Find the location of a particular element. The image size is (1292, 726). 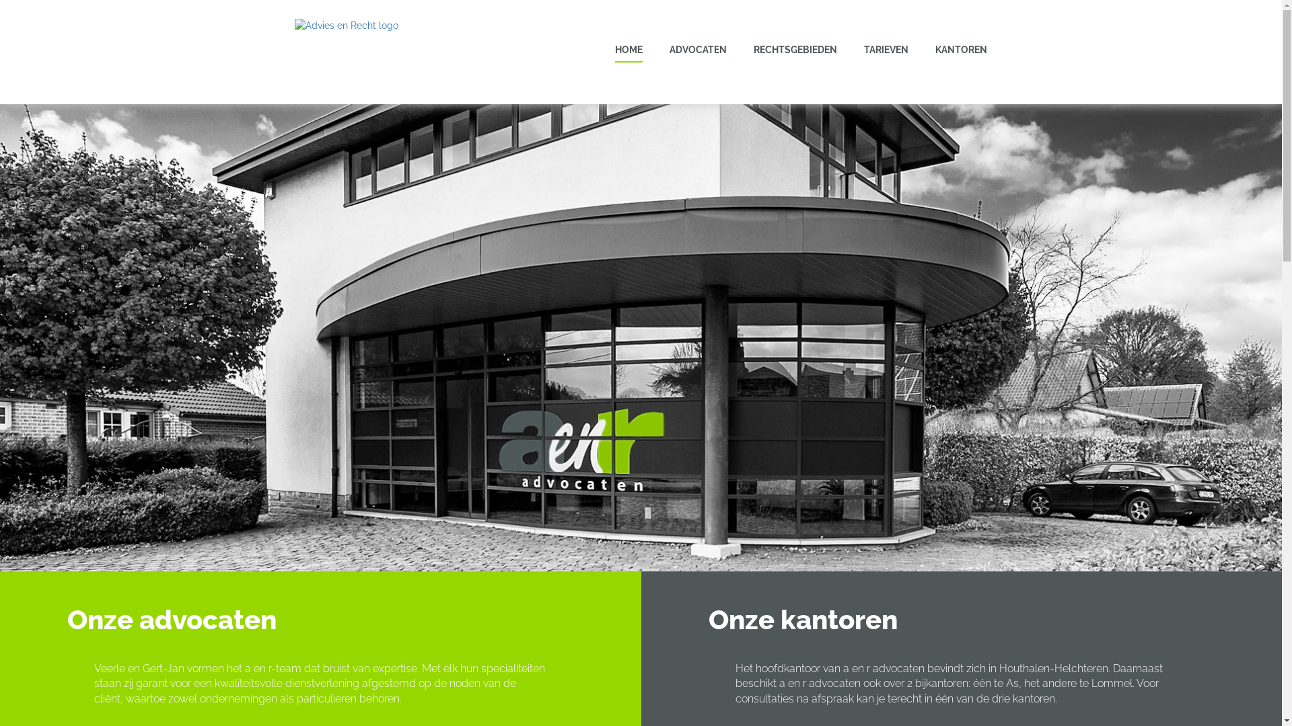

'ADVOCATEN' is located at coordinates (698, 48).